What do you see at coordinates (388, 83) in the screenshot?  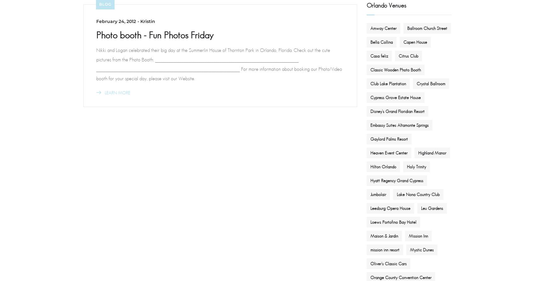 I see `'Club Lake Plantation'` at bounding box center [388, 83].